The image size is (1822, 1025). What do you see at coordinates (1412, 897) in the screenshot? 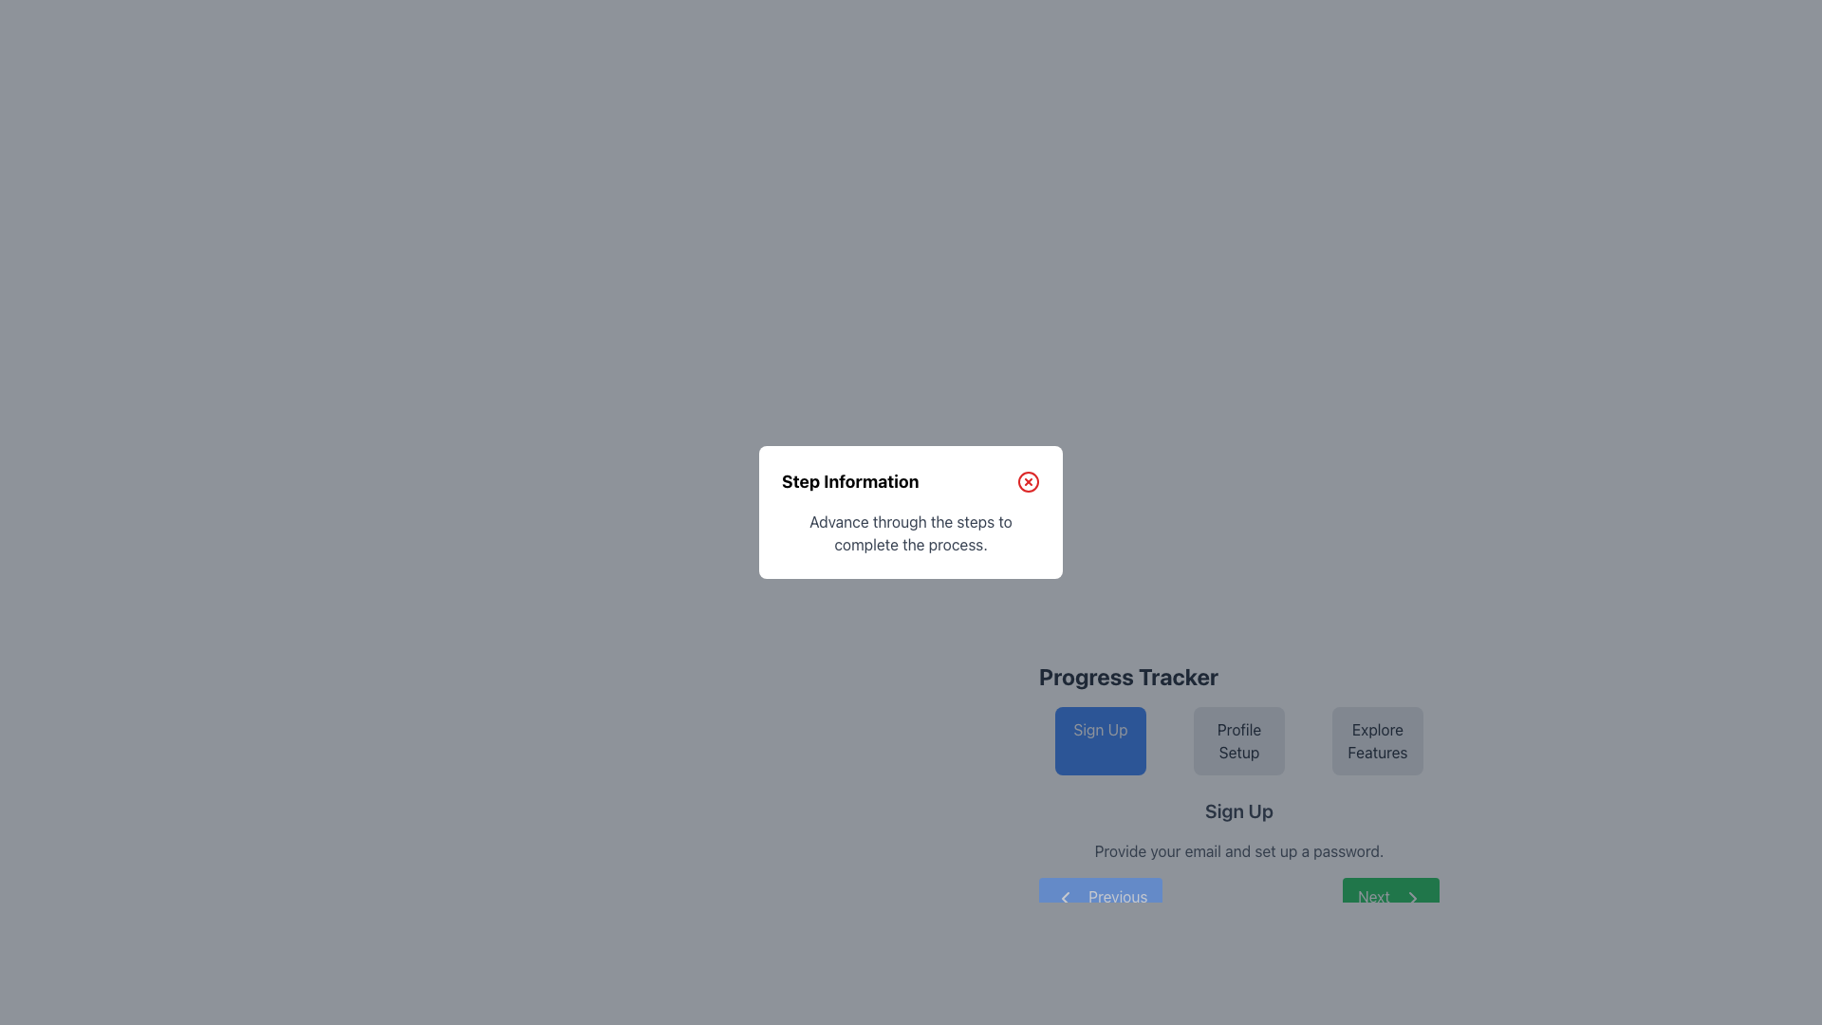
I see `the right-facing chevron-shaped icon located slightly above the 'Next' text within the green navigation button at the bottom right of the interface` at bounding box center [1412, 897].